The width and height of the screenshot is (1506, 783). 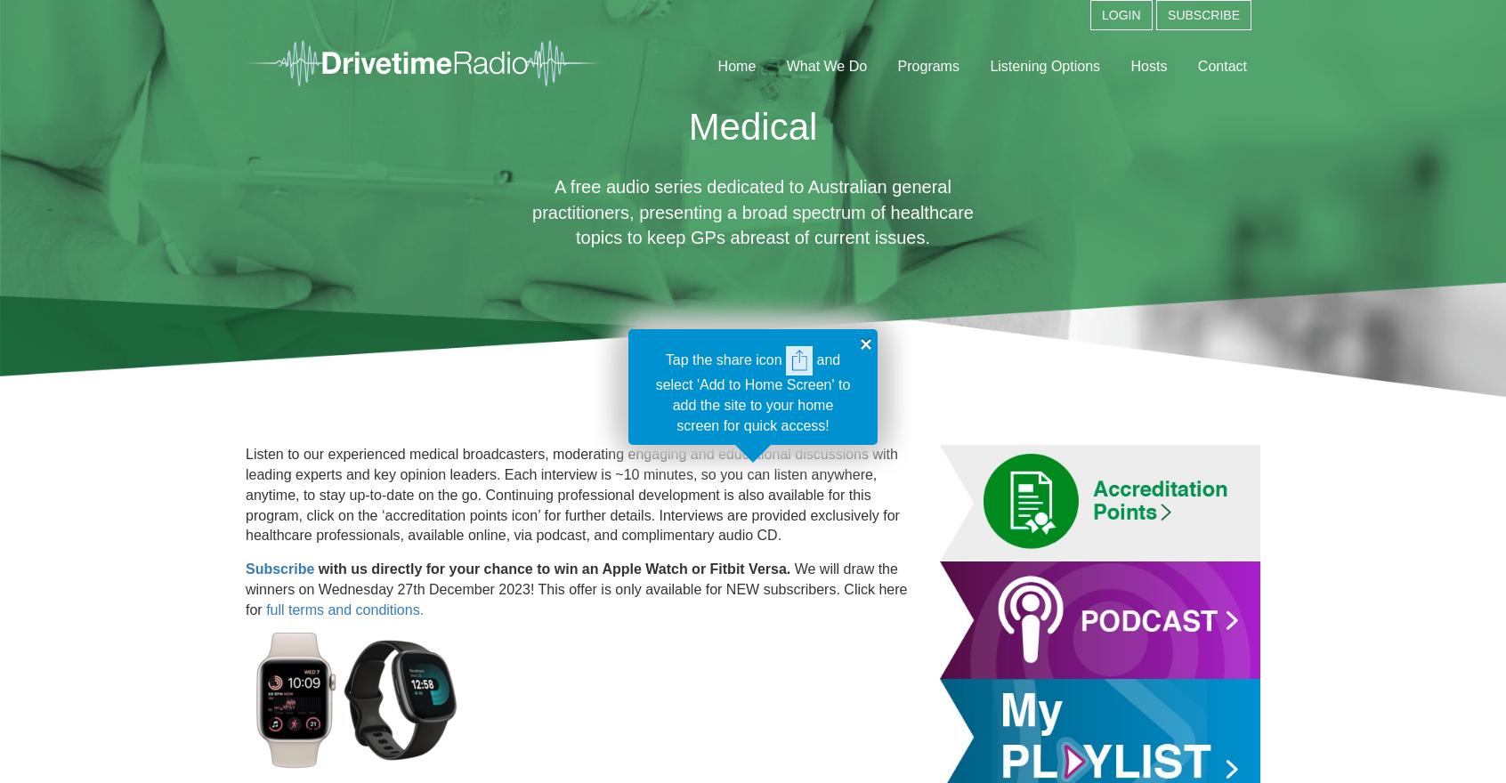 What do you see at coordinates (576, 588) in the screenshot?
I see `'We will draw the winners on Wednesday 27th December 2023! This offer is only available for NEW subscribers. Click here for'` at bounding box center [576, 588].